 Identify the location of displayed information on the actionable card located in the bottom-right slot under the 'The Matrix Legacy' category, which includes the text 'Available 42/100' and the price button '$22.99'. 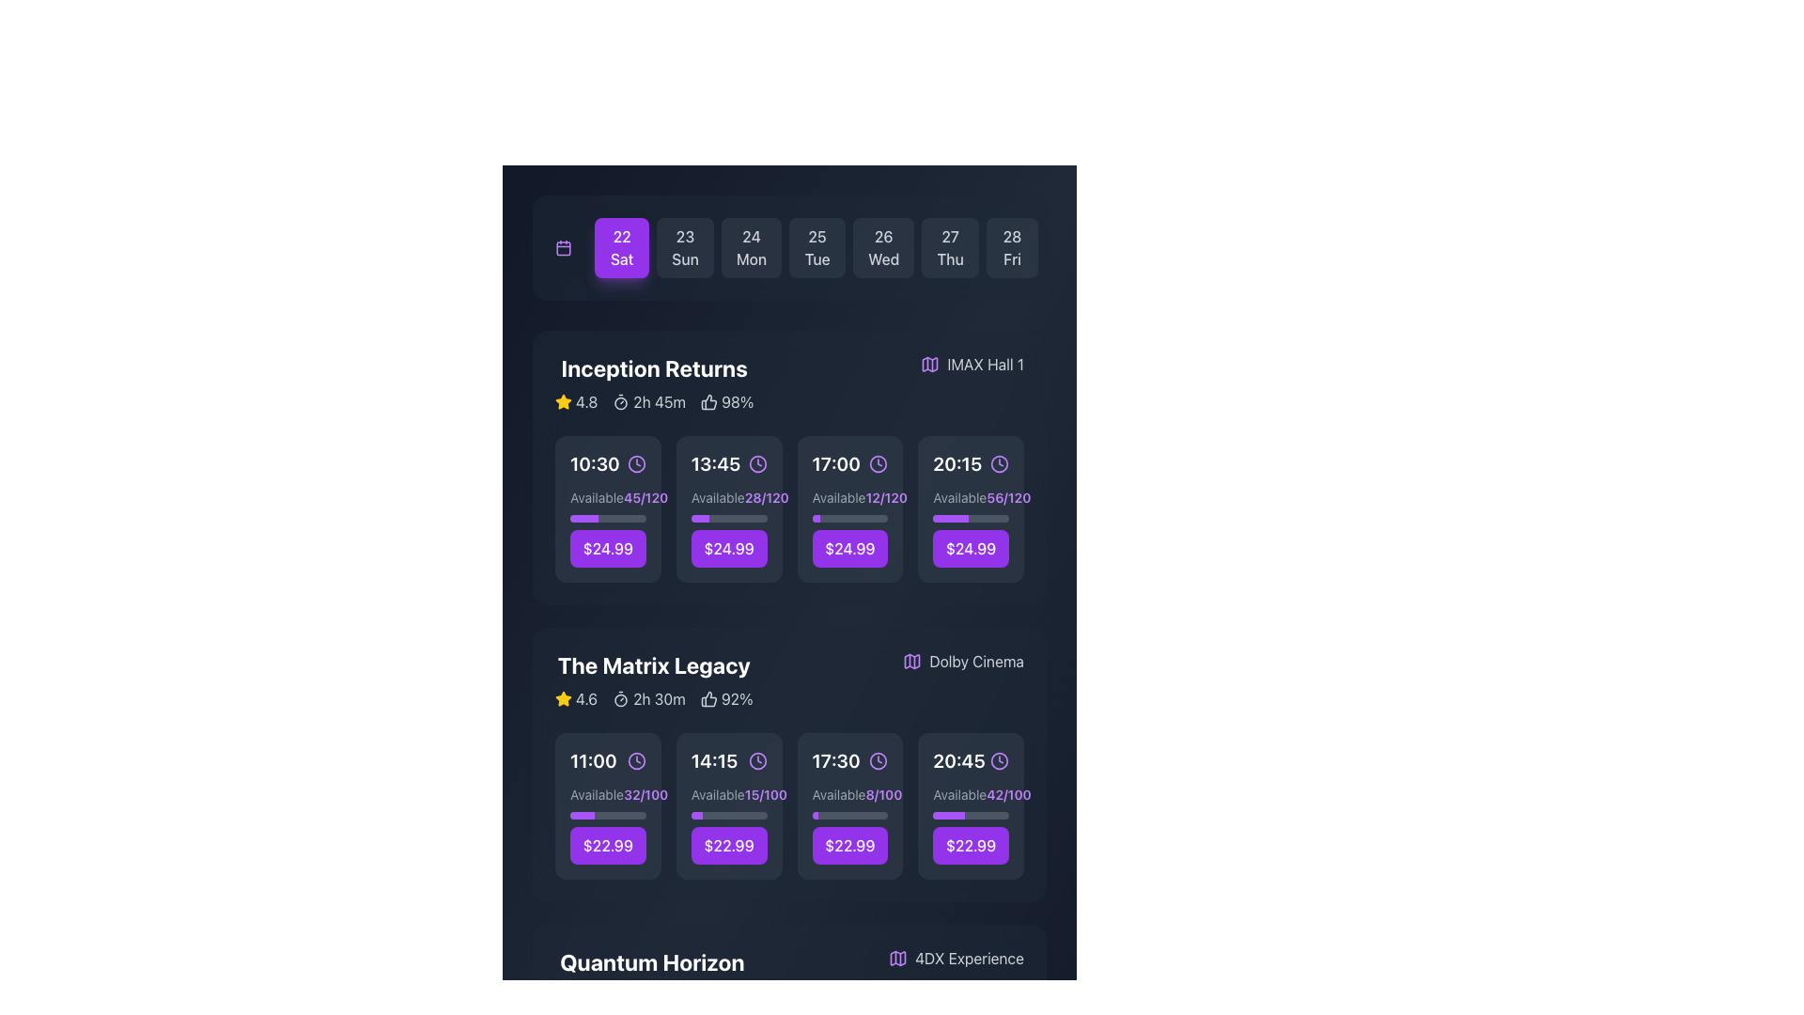
(971, 824).